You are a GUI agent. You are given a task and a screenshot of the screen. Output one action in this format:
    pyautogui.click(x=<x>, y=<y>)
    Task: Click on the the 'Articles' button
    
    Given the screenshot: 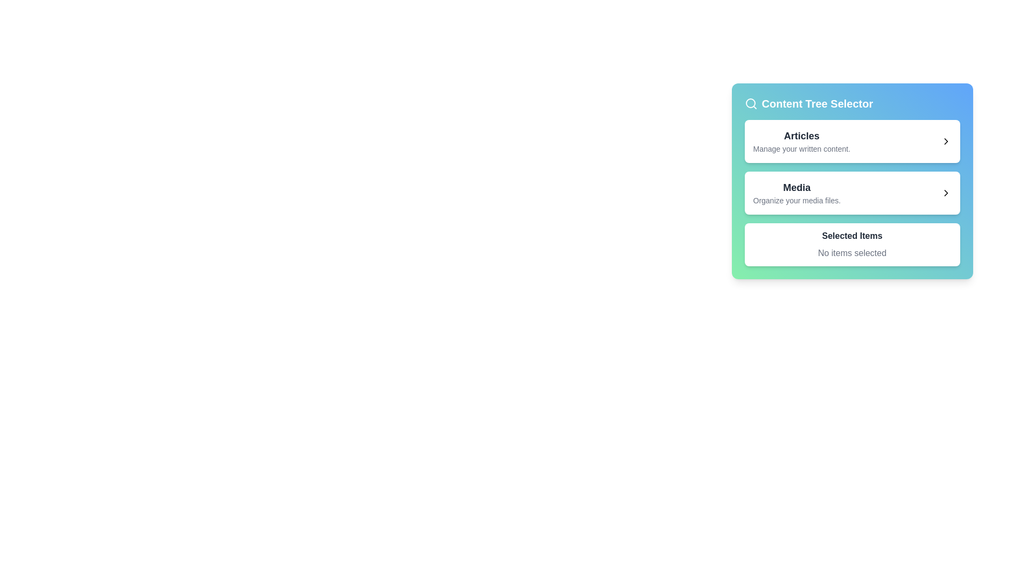 What is the action you would take?
    pyautogui.click(x=851, y=140)
    